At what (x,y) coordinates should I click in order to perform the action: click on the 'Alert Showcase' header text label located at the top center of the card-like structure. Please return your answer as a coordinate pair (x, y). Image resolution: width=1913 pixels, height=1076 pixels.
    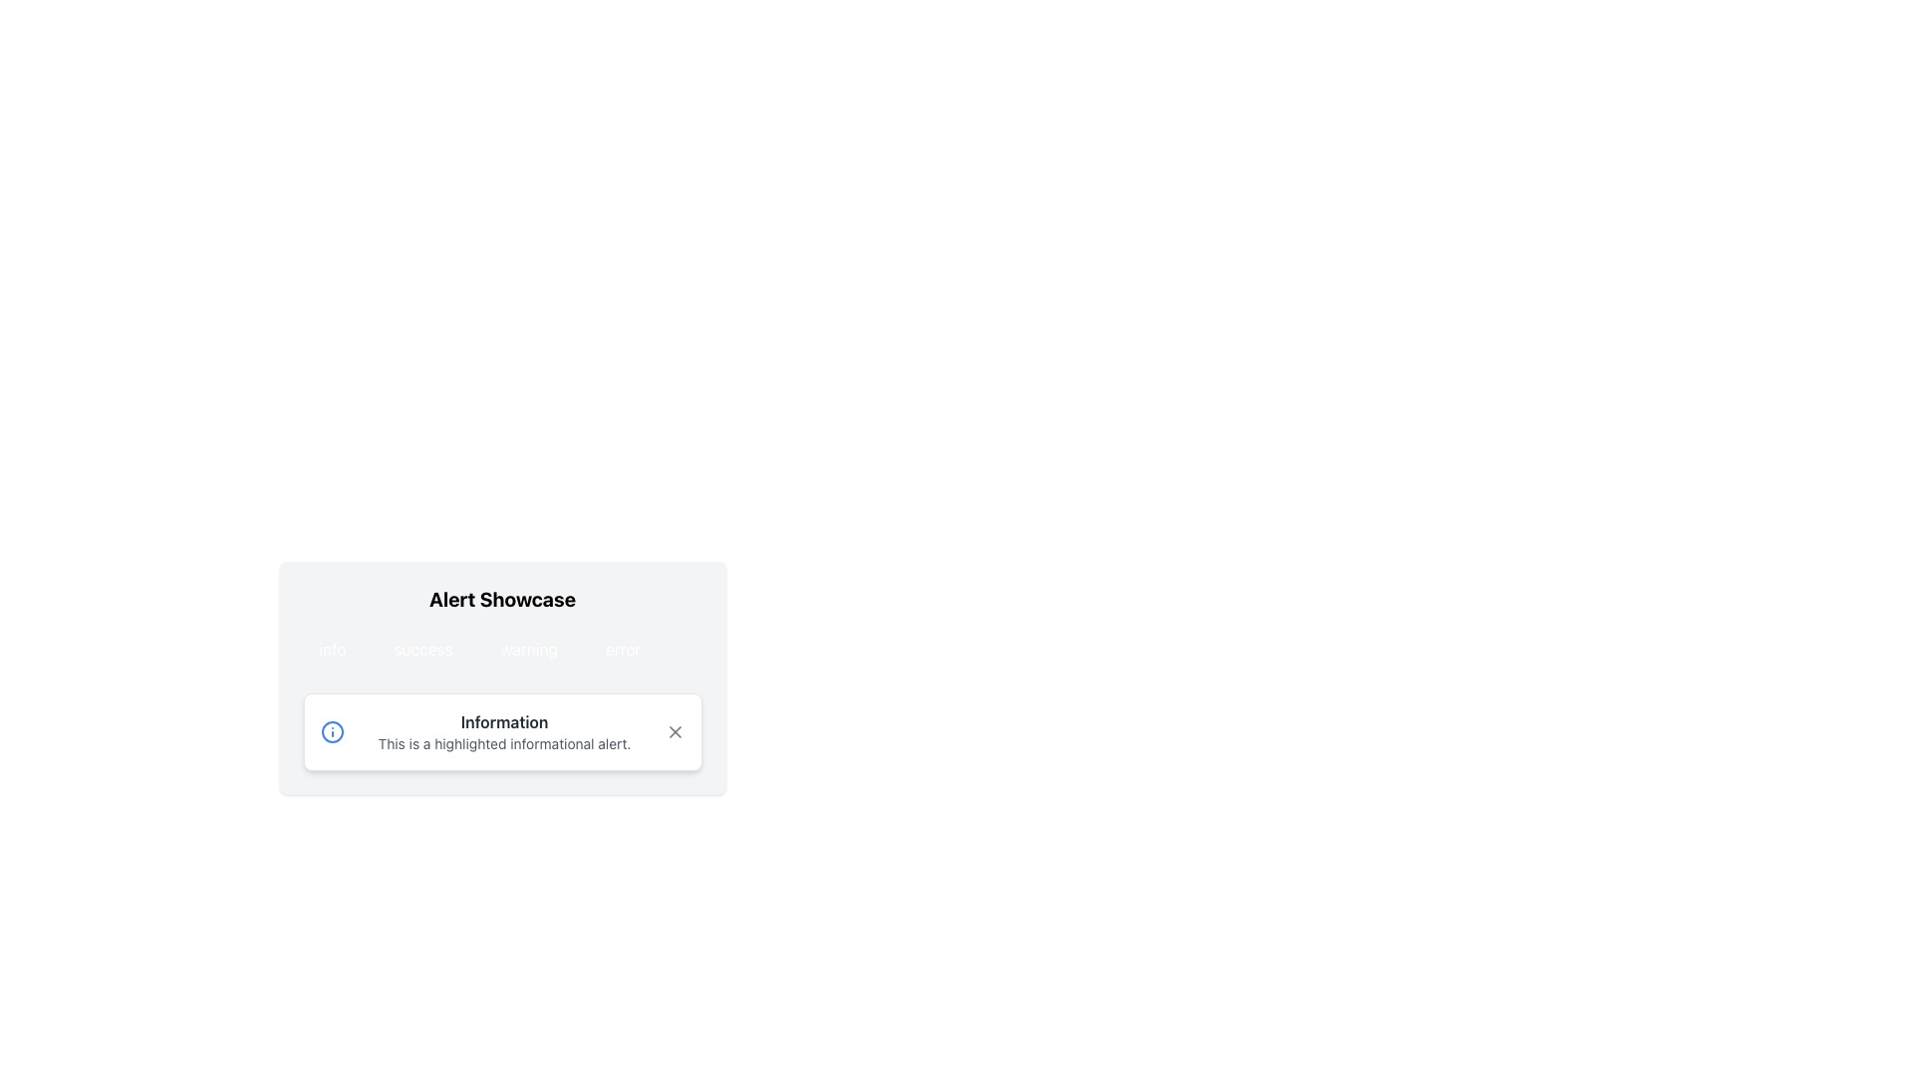
    Looking at the image, I should click on (502, 598).